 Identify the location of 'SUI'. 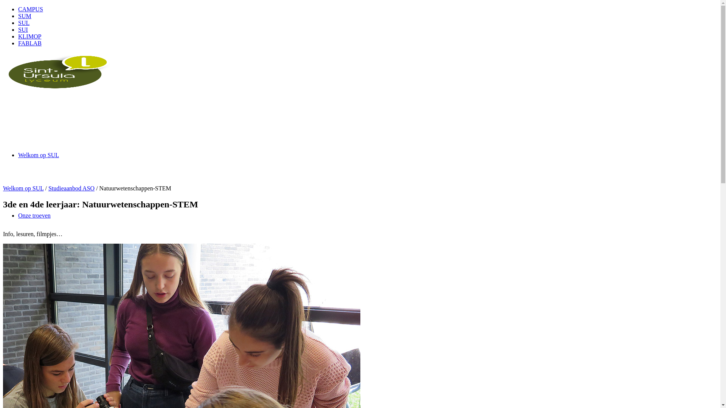
(18, 29).